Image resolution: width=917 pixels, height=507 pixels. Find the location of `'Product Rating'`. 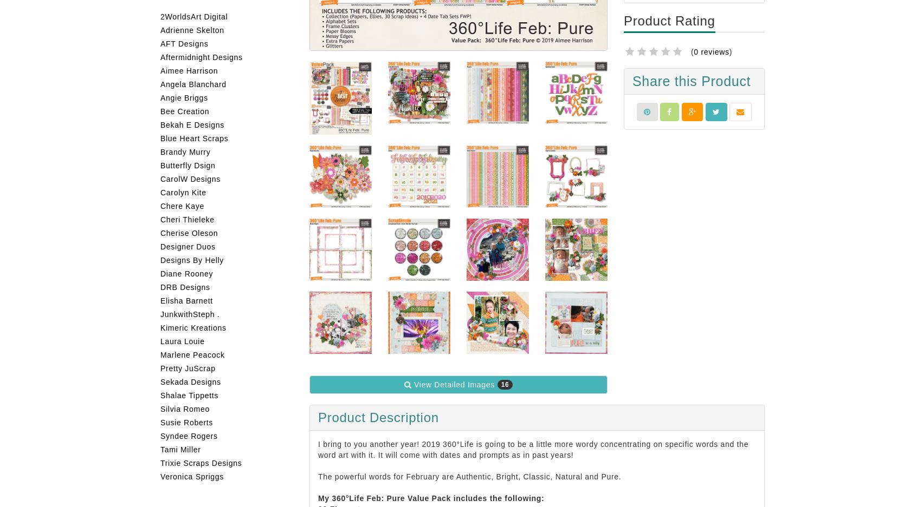

'Product Rating' is located at coordinates (669, 21).